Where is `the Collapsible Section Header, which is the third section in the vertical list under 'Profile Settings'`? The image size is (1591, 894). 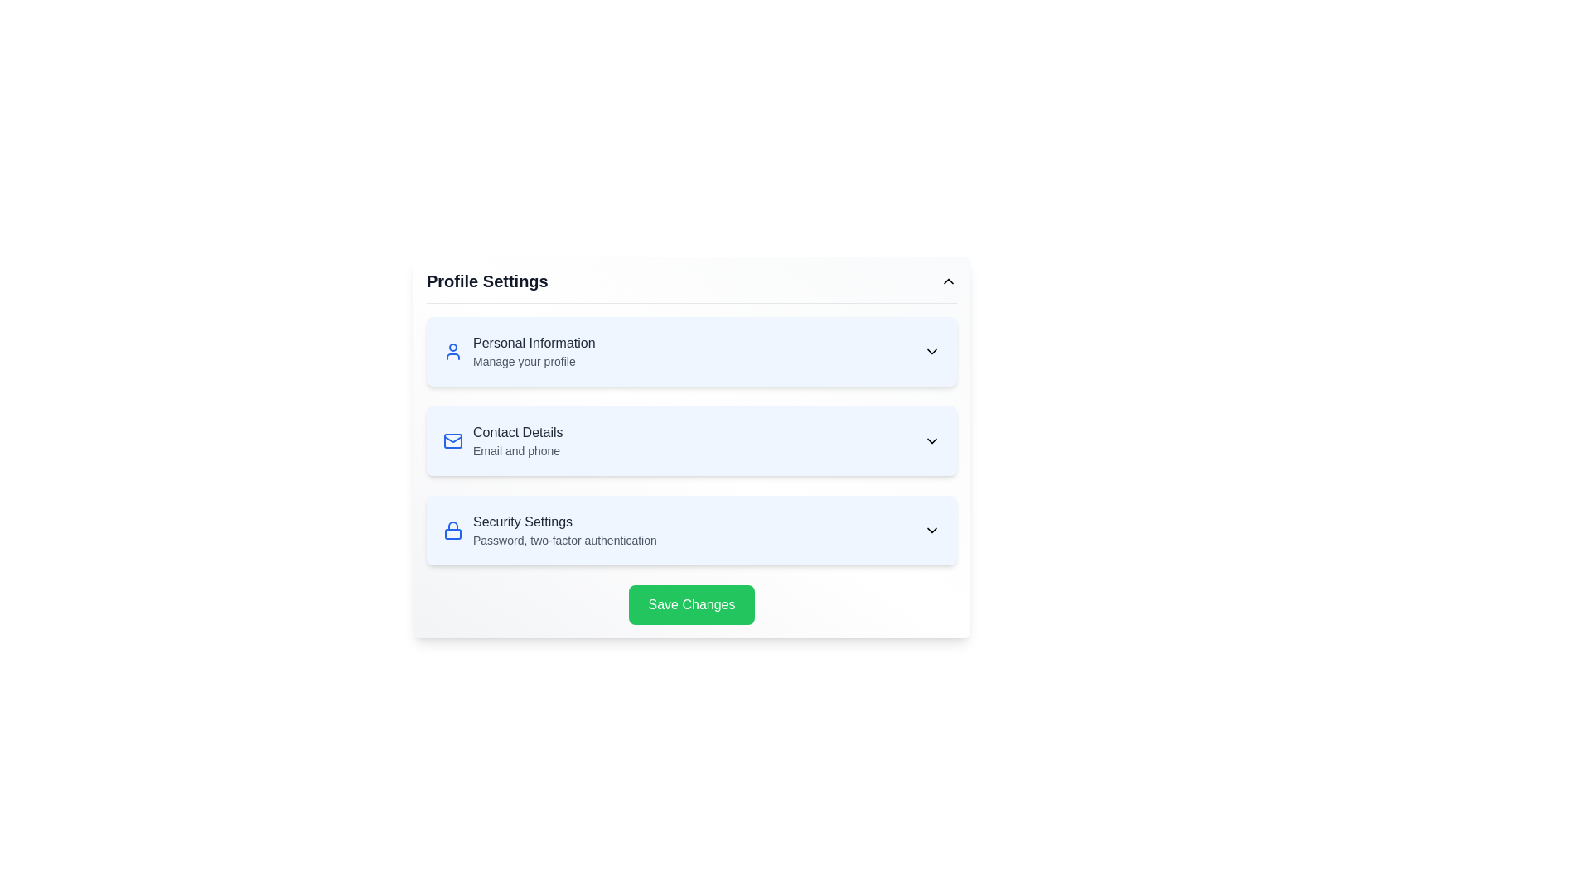 the Collapsible Section Header, which is the third section in the vertical list under 'Profile Settings' is located at coordinates (692, 530).